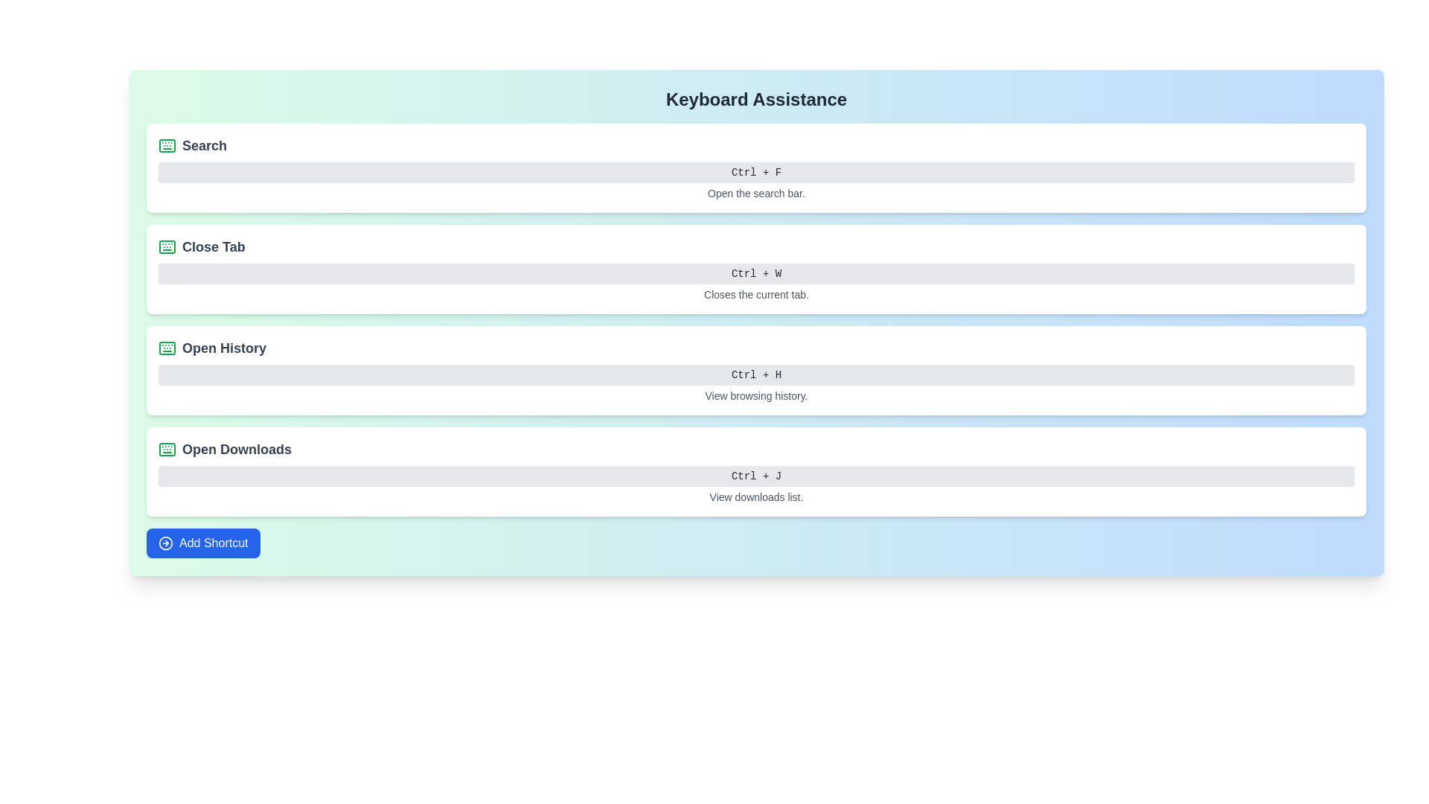 This screenshot has height=804, width=1429. I want to click on the 'Close Tab' label, which is styled with a larger, semi-bold gray font and is located within a UI card in the second row, positioned below the 'Search' card and above the 'Open History' card, so click(213, 246).